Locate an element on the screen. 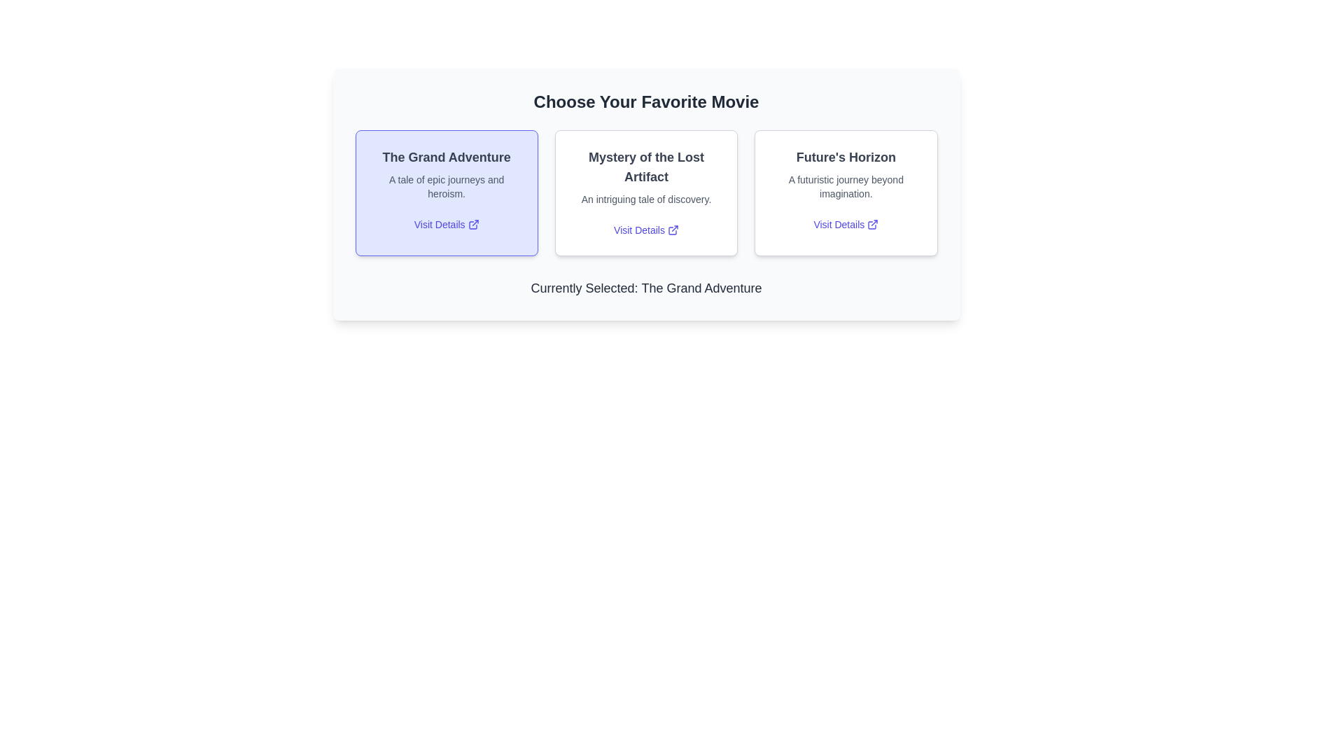  the text 'Future's Horizon' is located at coordinates (845, 157).